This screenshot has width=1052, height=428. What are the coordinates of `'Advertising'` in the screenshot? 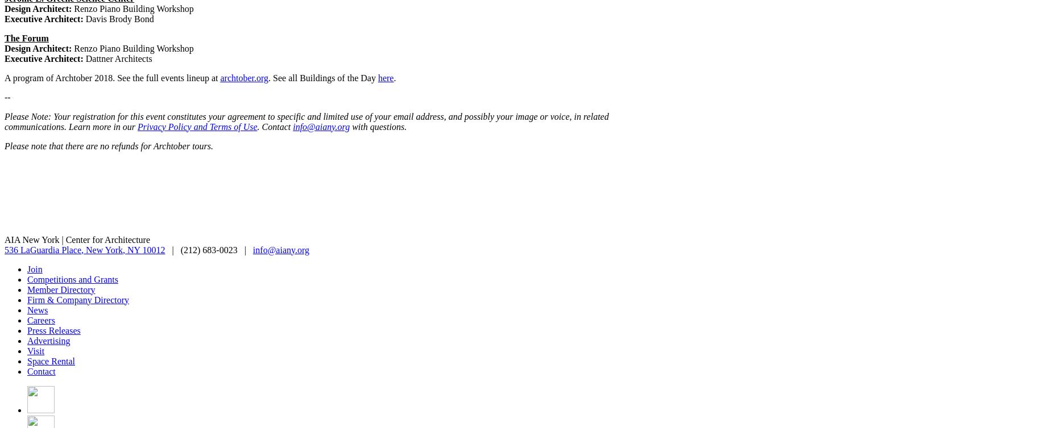 It's located at (26, 339).